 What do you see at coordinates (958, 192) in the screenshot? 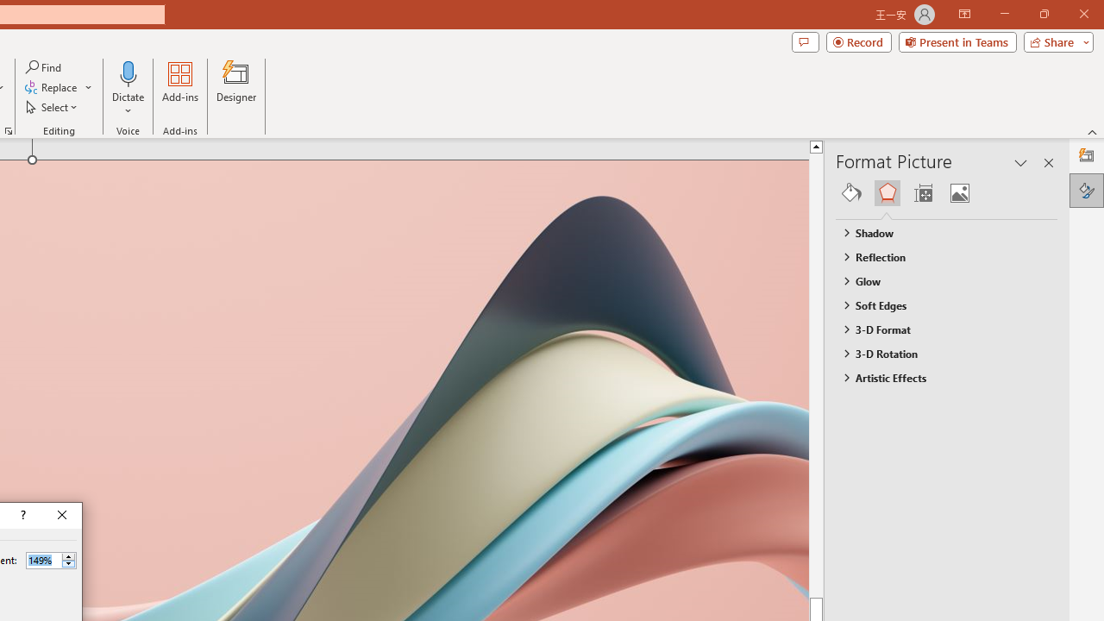
I see `'Picture'` at bounding box center [958, 192].